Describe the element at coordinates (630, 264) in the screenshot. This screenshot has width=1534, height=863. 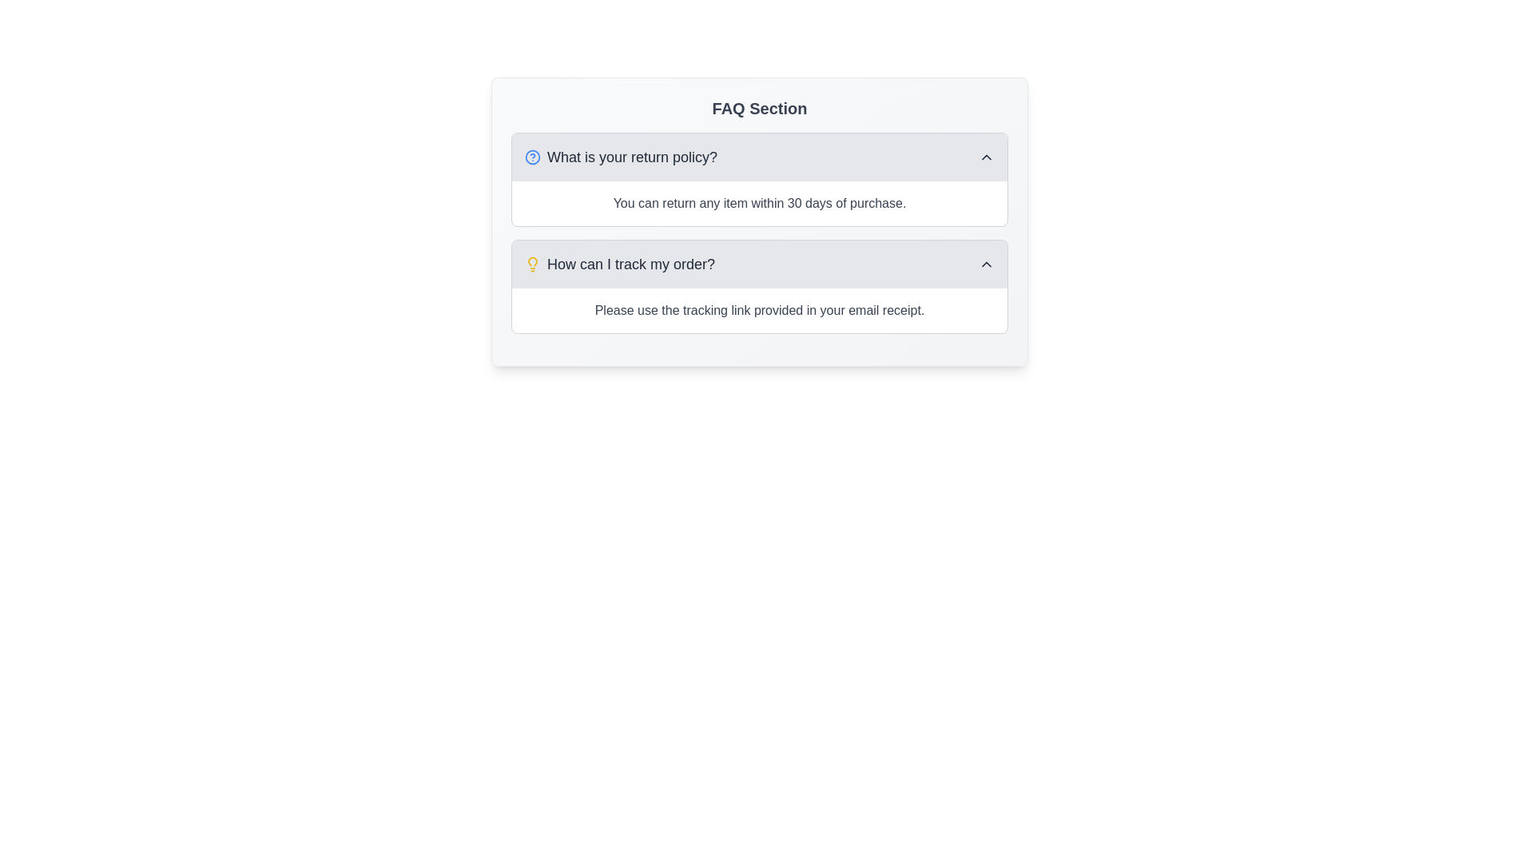
I see `text label that says 'How can I track my order?' positioned next to a yellow lightbulb icon in the FAQ section` at that location.